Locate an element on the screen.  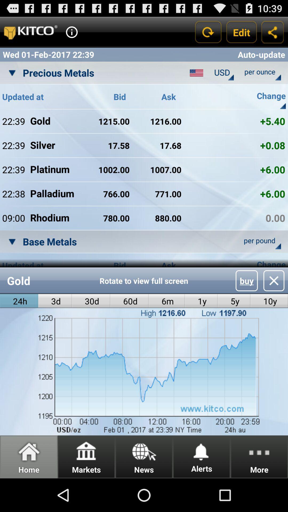
the icon to the right of 30d is located at coordinates (129, 301).